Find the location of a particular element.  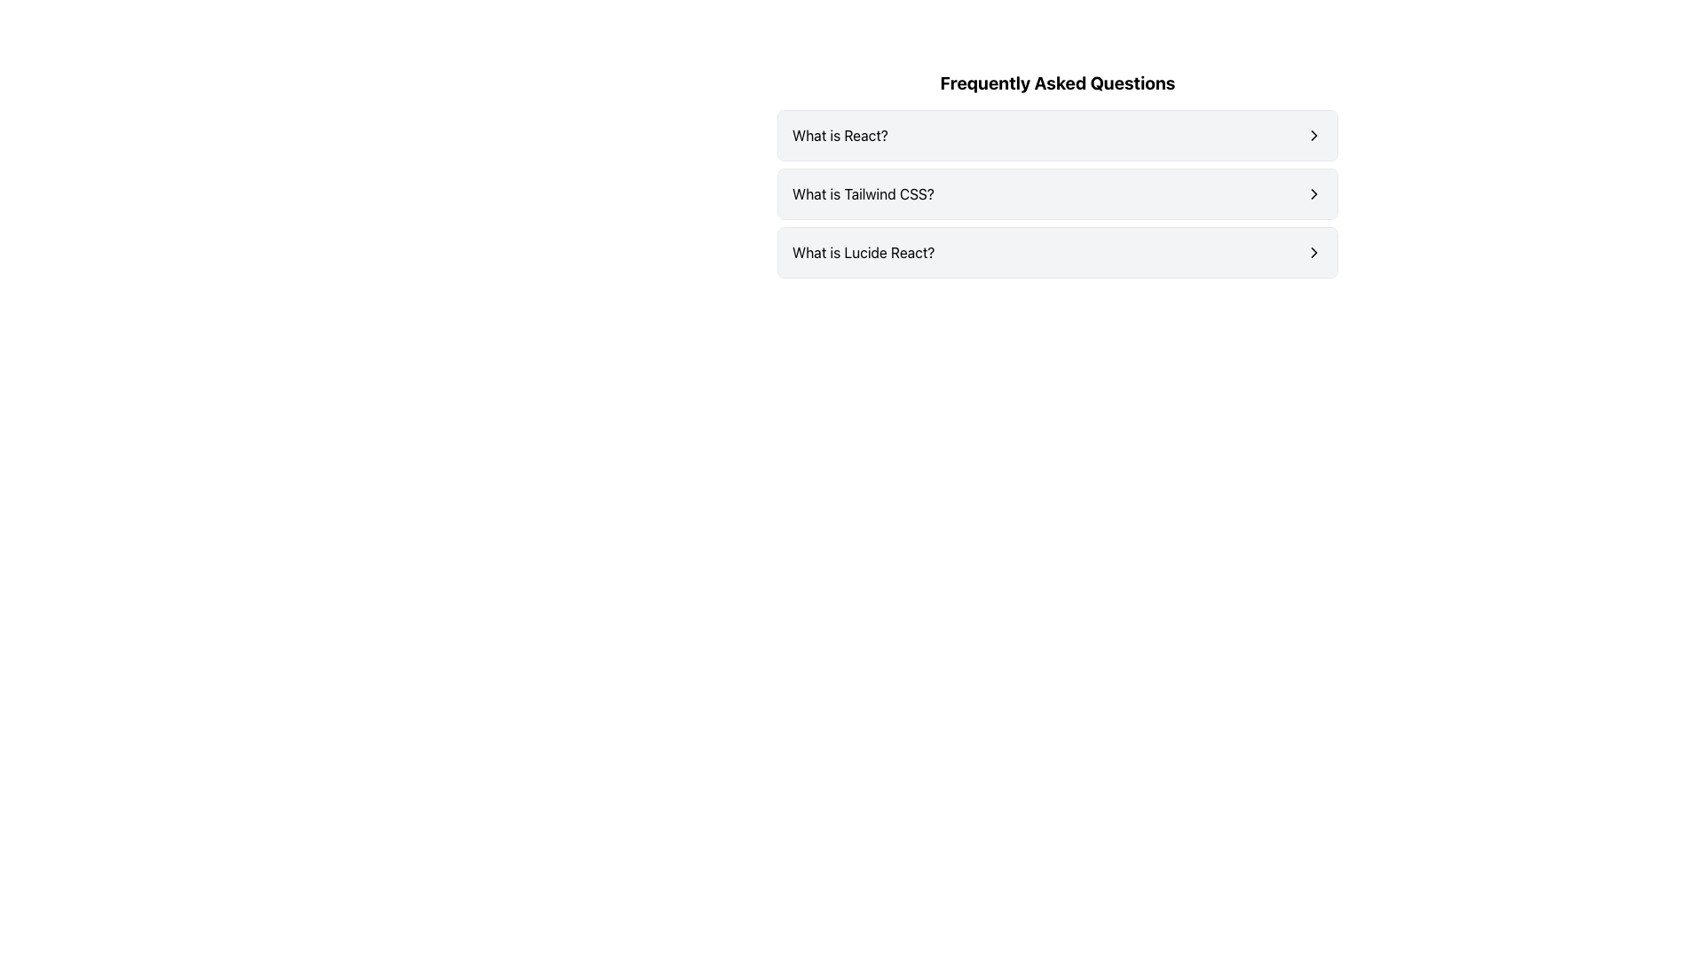

the chevron arrow icon located at the far right of the 'What is React?' dropdown item under the 'Frequently Asked Questions' section to indicate that the list item is expandable or navigates to further details is located at coordinates (1314, 135).